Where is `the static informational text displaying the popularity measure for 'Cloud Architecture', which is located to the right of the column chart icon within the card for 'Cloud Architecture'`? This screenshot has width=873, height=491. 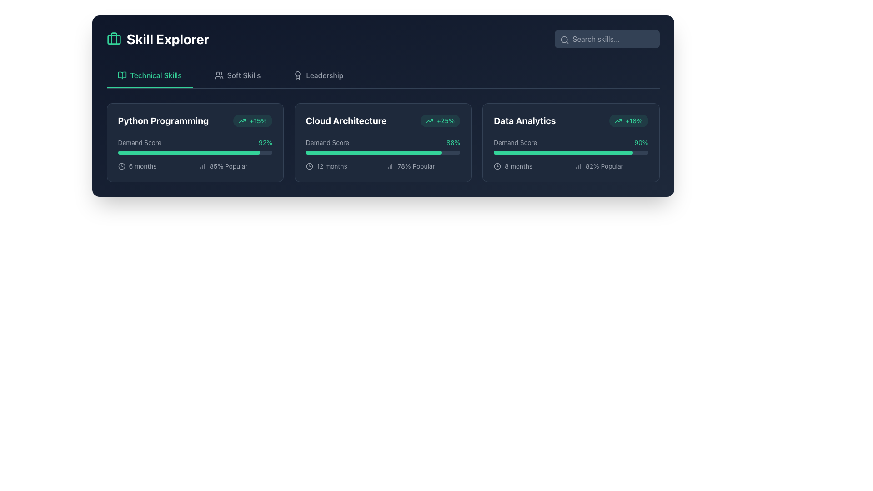
the static informational text displaying the popularity measure for 'Cloud Architecture', which is located to the right of the column chart icon within the card for 'Cloud Architecture' is located at coordinates (416, 166).